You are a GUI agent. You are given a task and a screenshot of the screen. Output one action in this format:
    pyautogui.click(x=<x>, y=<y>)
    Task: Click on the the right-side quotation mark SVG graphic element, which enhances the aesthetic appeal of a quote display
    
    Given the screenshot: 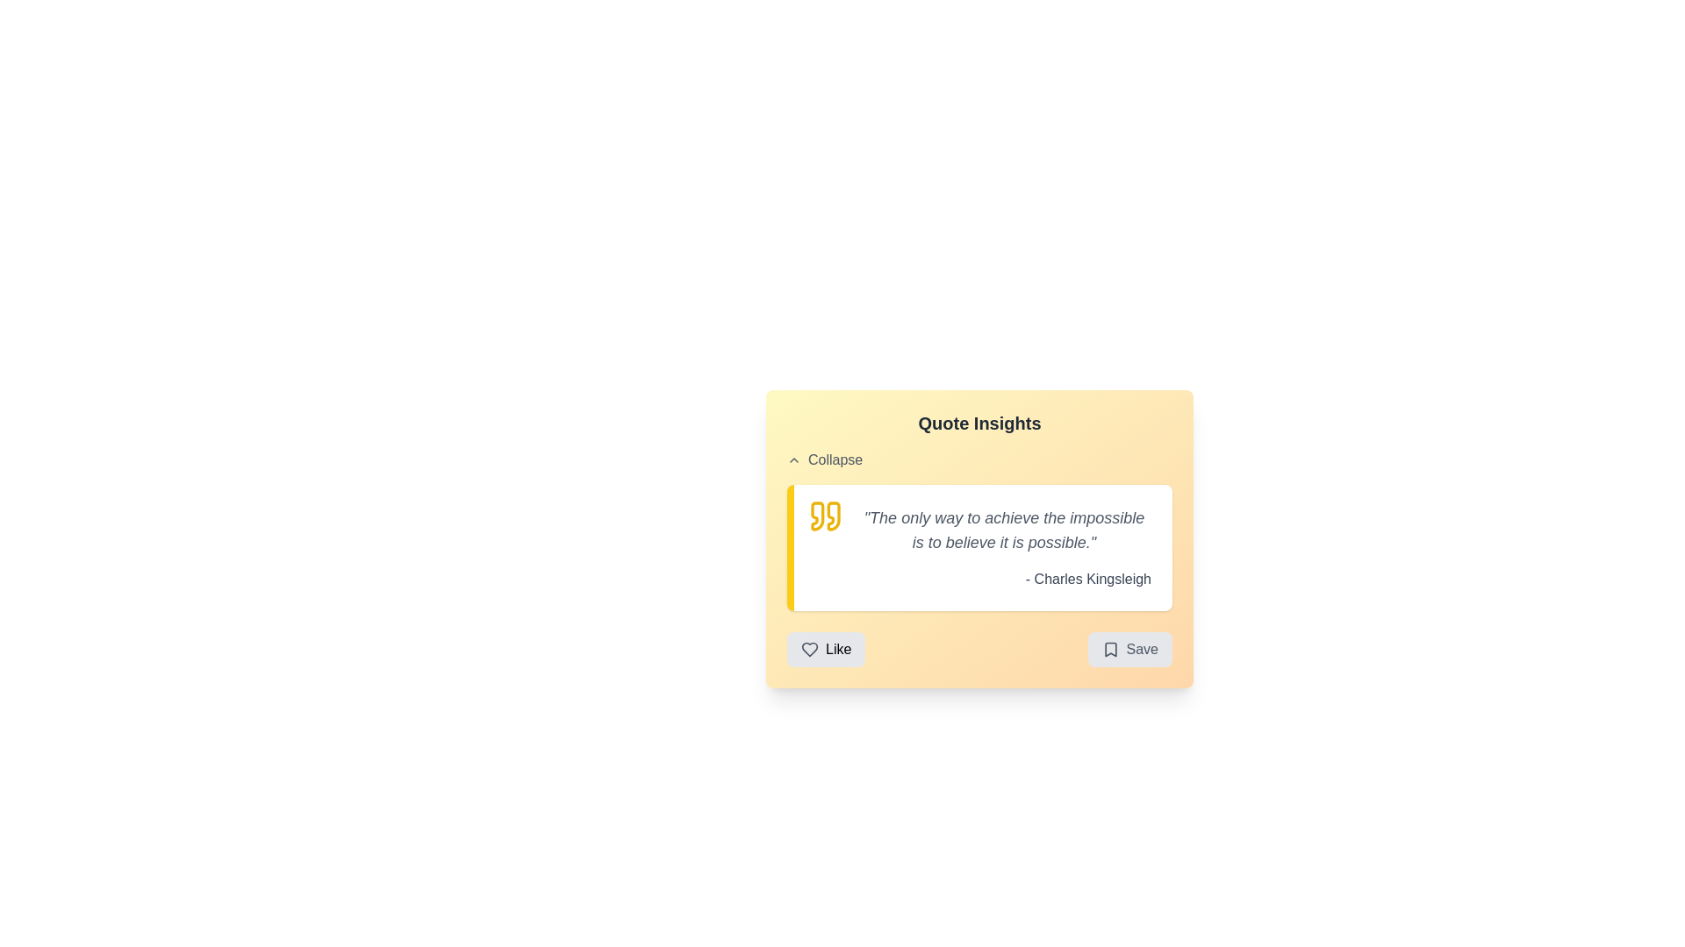 What is the action you would take?
    pyautogui.click(x=833, y=516)
    